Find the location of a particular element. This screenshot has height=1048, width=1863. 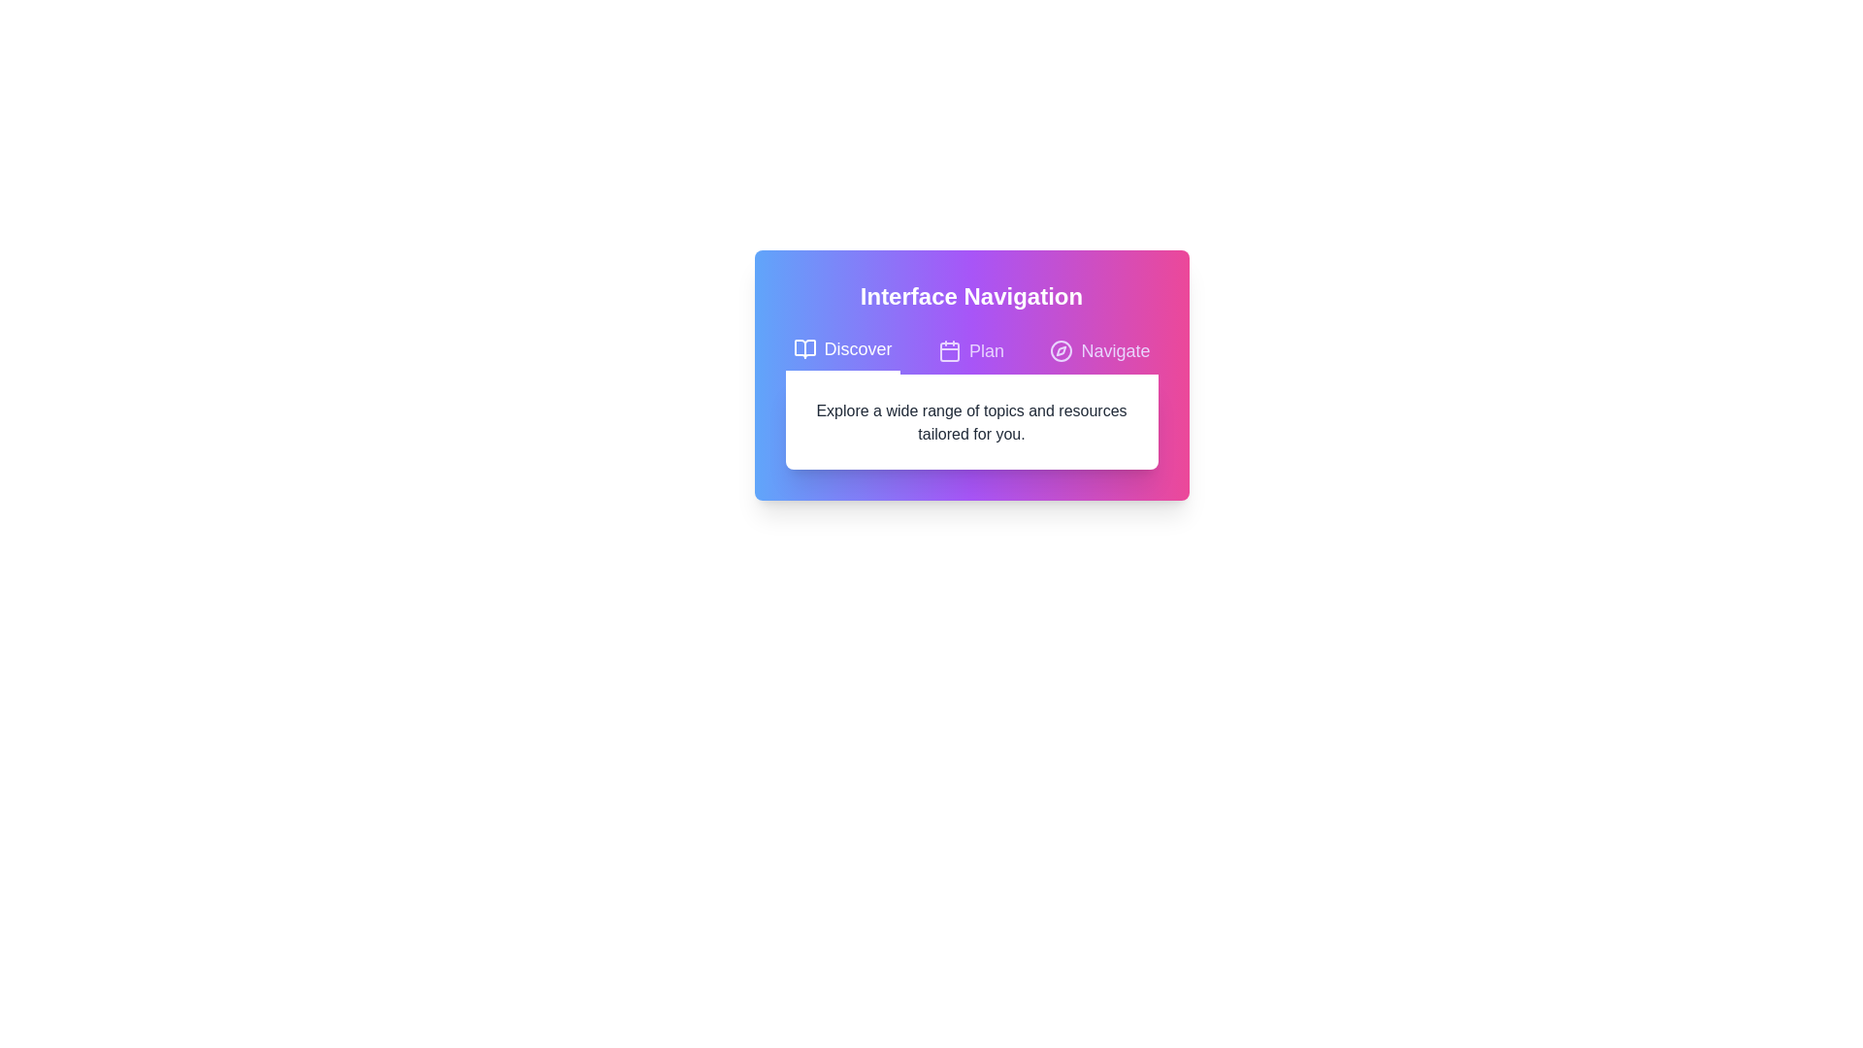

the static text label indicating the 'Plan' tab, which is centrally located within the purple tab header is located at coordinates (987, 351).